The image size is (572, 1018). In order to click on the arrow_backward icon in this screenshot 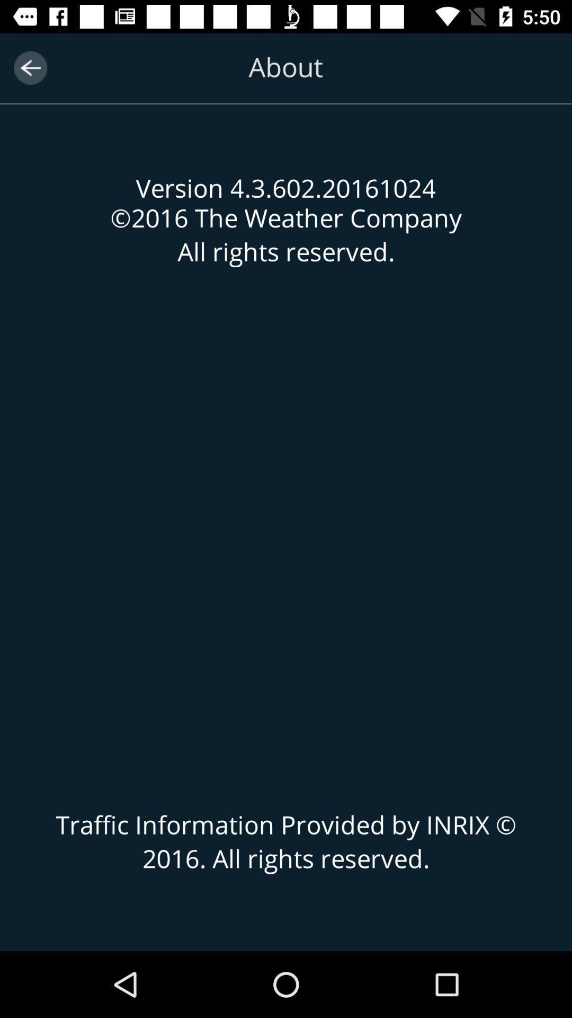, I will do `click(30, 67)`.